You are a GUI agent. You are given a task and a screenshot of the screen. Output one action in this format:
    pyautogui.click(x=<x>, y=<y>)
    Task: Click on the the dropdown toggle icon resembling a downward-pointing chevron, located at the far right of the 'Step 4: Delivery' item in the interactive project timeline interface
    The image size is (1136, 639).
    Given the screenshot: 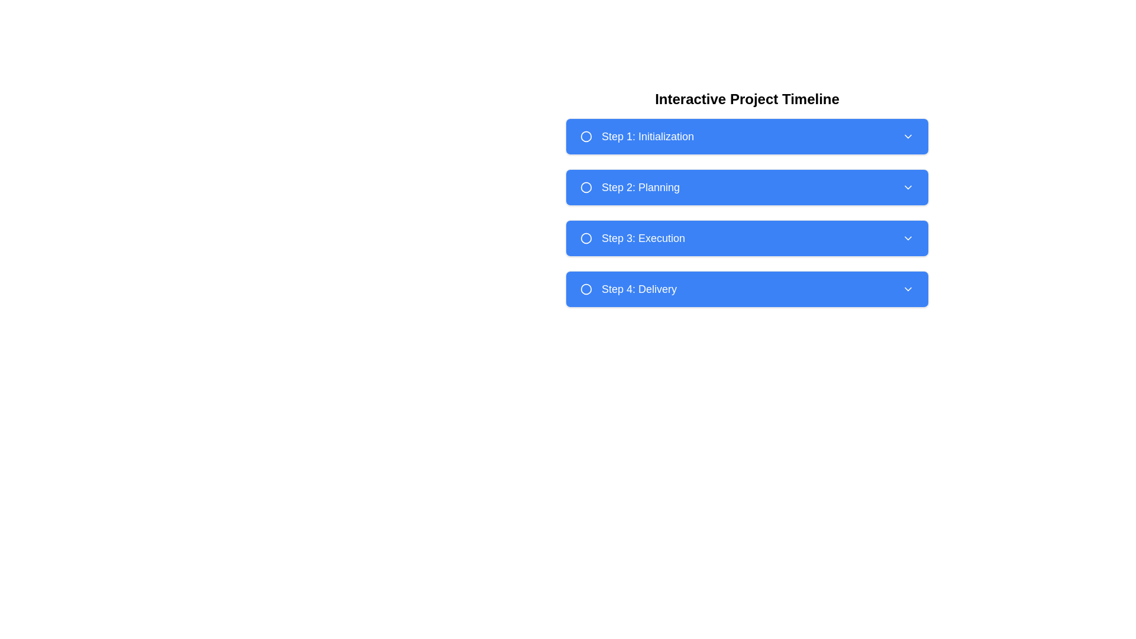 What is the action you would take?
    pyautogui.click(x=908, y=289)
    